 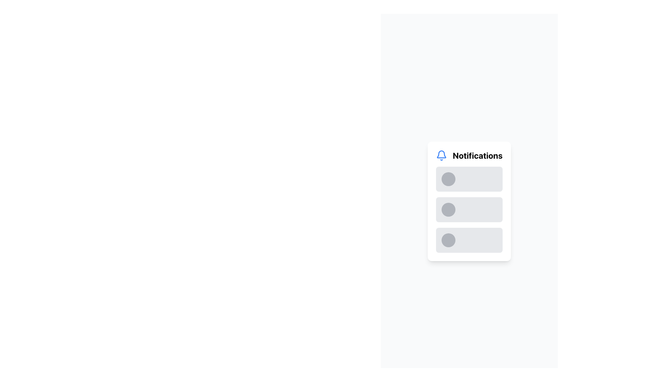 I want to click on the placeholder bar located at the bottom of the third notification card in the notification panel, which is centrally aligned horizontally within the card, so click(x=479, y=240).